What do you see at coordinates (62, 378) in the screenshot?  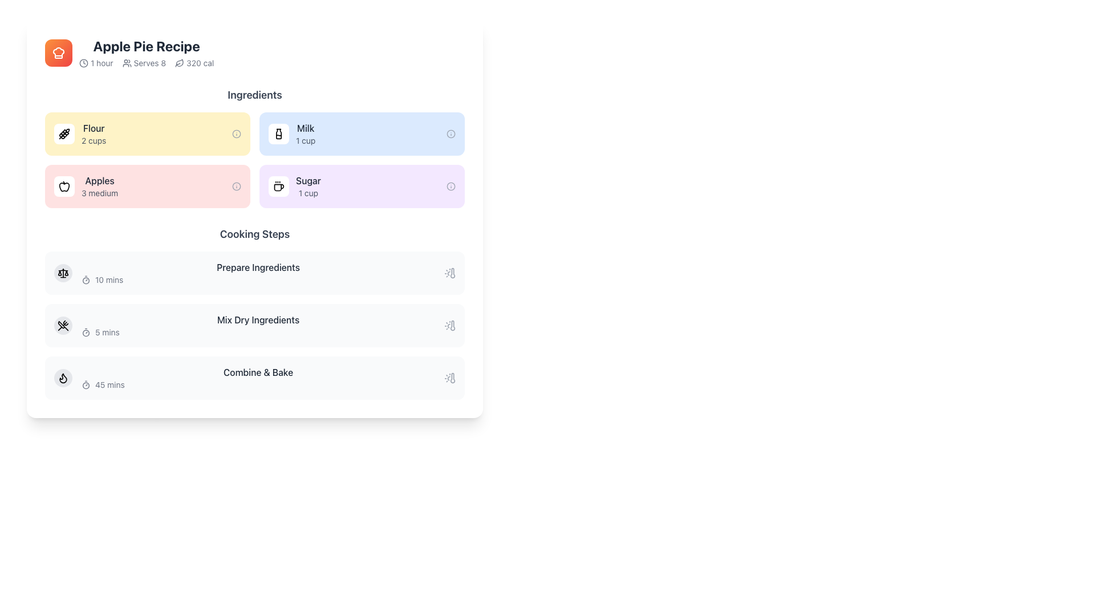 I see `the flame icon within a circular boundary located at the bottom of the 'Cooking Steps' section, specifically in the 'Combine & Bake' step` at bounding box center [62, 378].